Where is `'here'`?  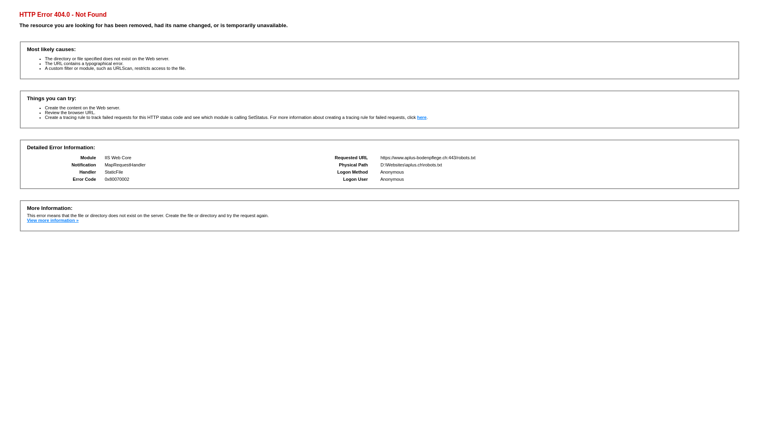
'here' is located at coordinates (421, 117).